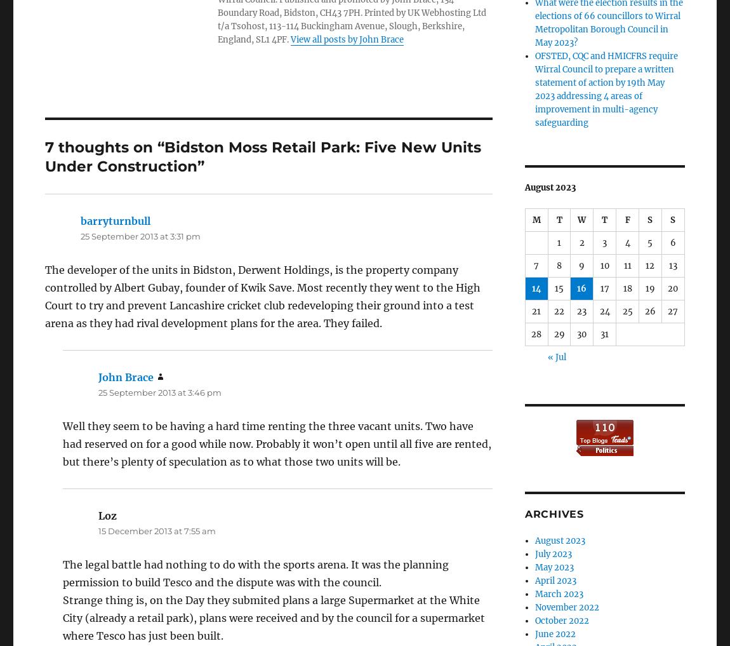  Describe the element at coordinates (581, 334) in the screenshot. I see `'30'` at that location.